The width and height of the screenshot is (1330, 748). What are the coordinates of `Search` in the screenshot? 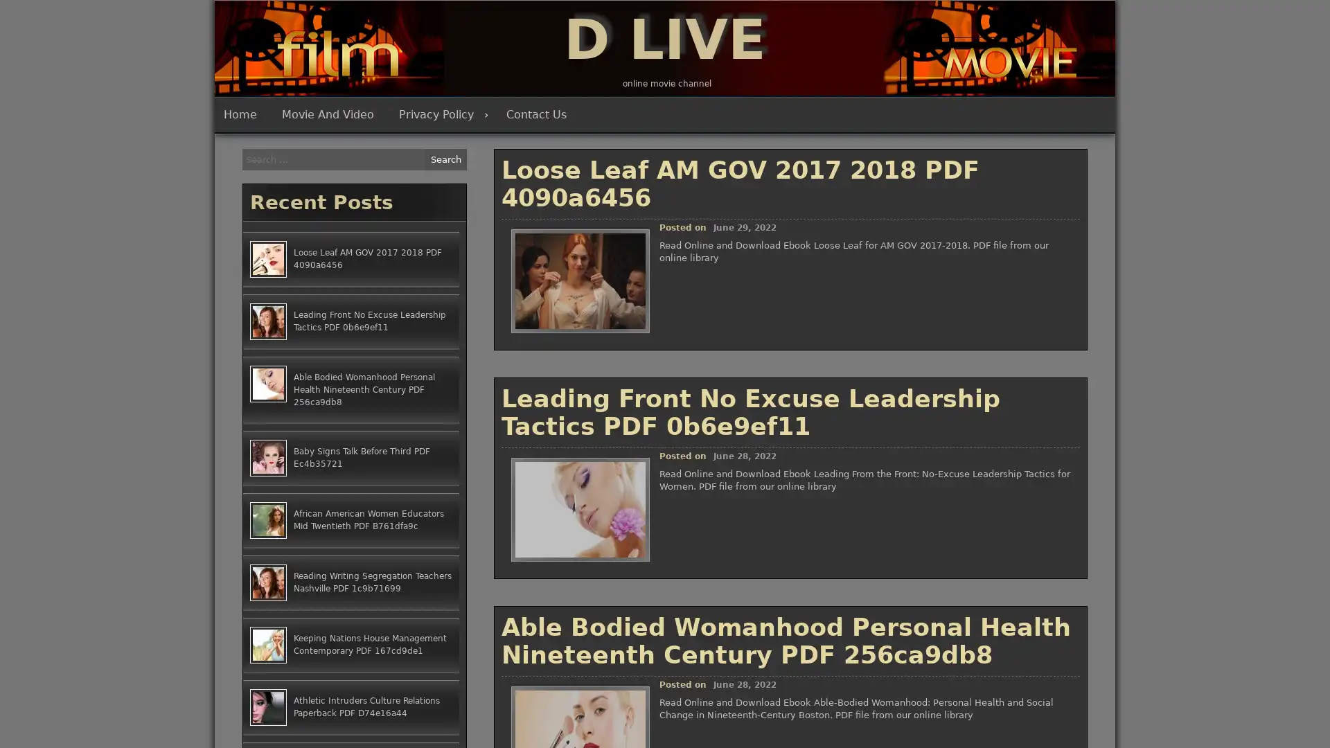 It's located at (445, 159).